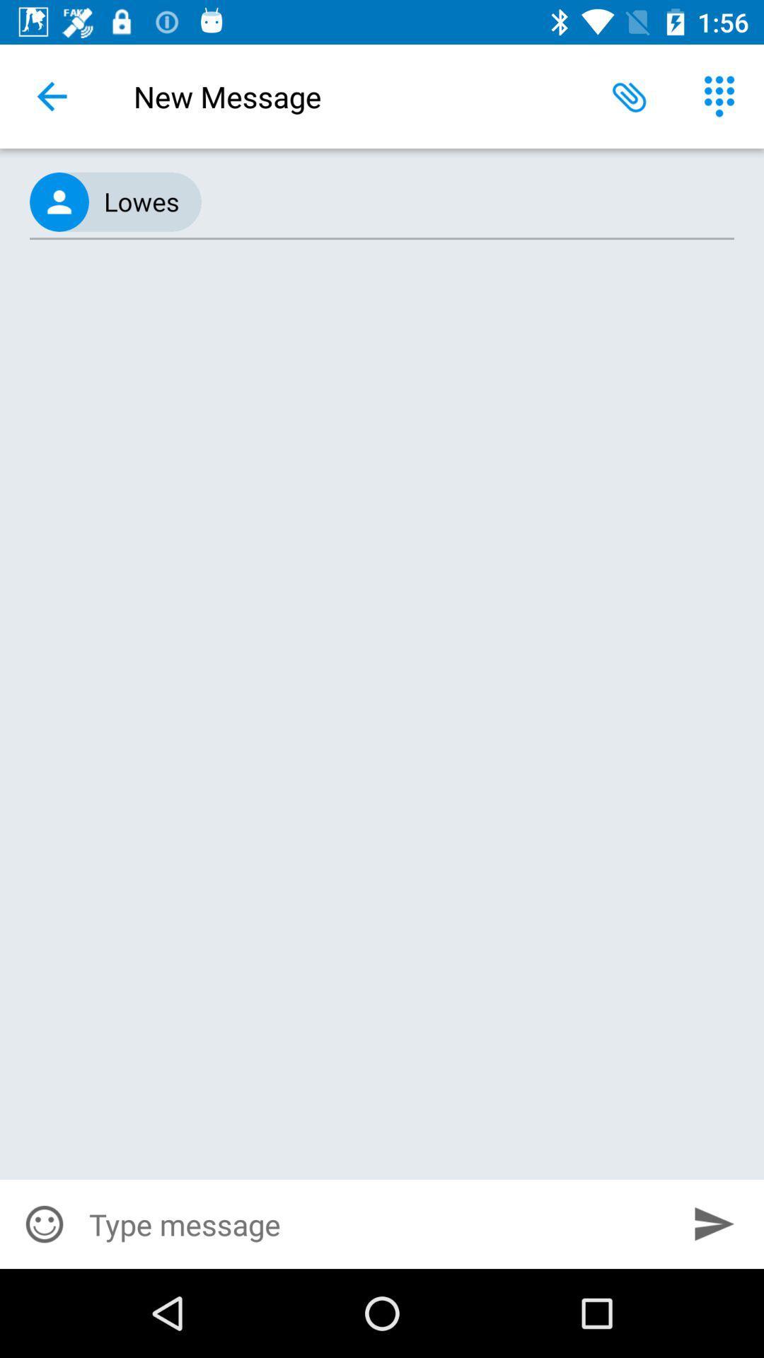 Image resolution: width=764 pixels, height=1358 pixels. Describe the element at coordinates (630, 95) in the screenshot. I see `the icon next to new message icon` at that location.